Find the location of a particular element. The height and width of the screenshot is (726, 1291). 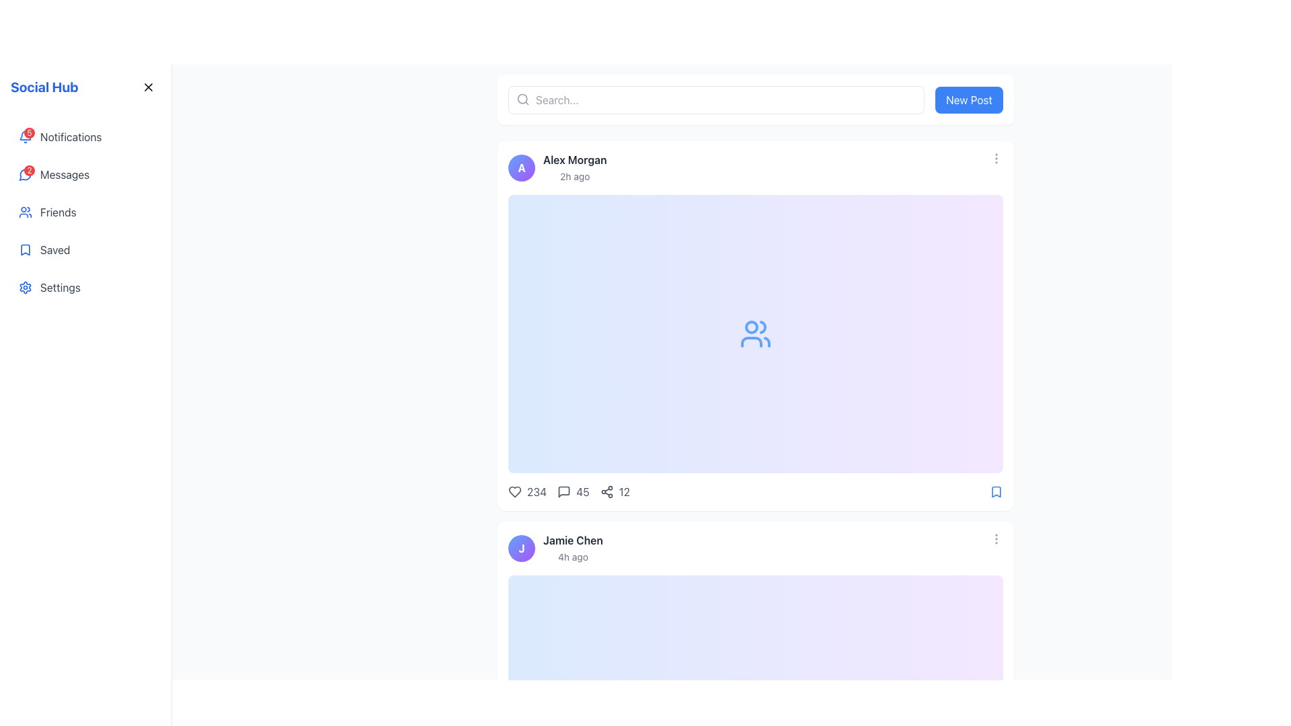

text from the bold label displaying 'Jamie Chen' located in the bottom post of the interface, positioned near the top-left of the post, to the right of a circular avatar is located at coordinates (573, 539).